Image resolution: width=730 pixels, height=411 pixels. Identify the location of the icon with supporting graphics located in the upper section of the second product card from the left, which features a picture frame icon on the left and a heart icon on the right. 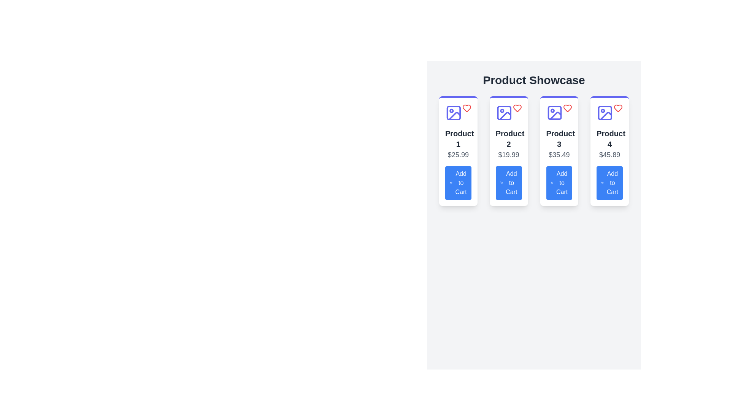
(509, 113).